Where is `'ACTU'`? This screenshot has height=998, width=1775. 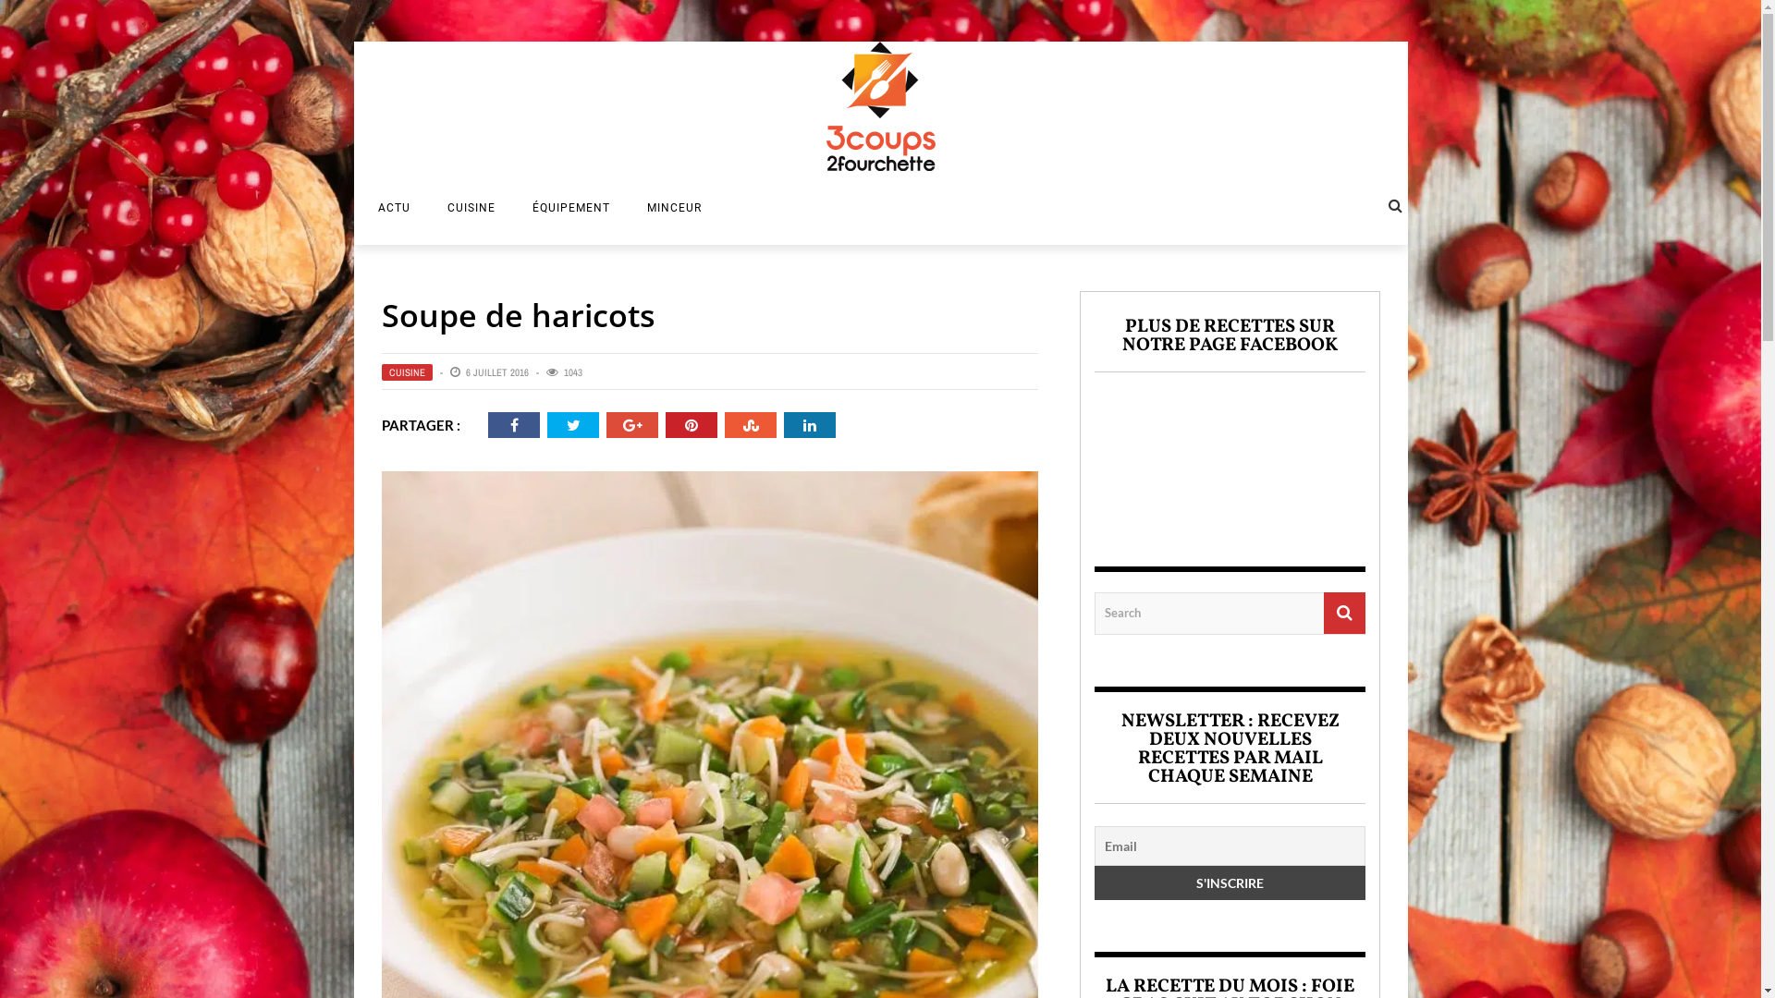
'ACTU' is located at coordinates (359, 207).